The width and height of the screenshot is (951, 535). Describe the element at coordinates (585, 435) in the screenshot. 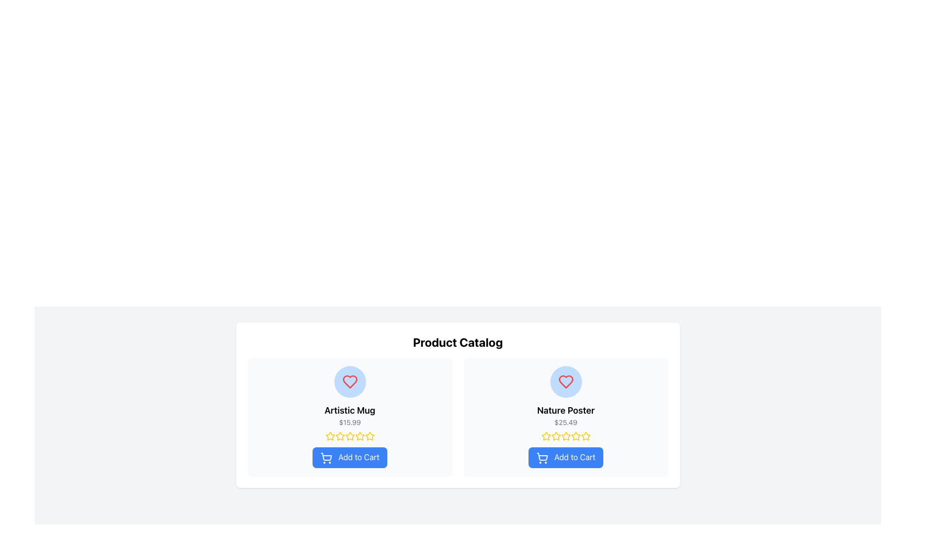

I see `the fifth star icon representing the highest rating in the 5-star rating system for the product 'Nature Poster'` at that location.